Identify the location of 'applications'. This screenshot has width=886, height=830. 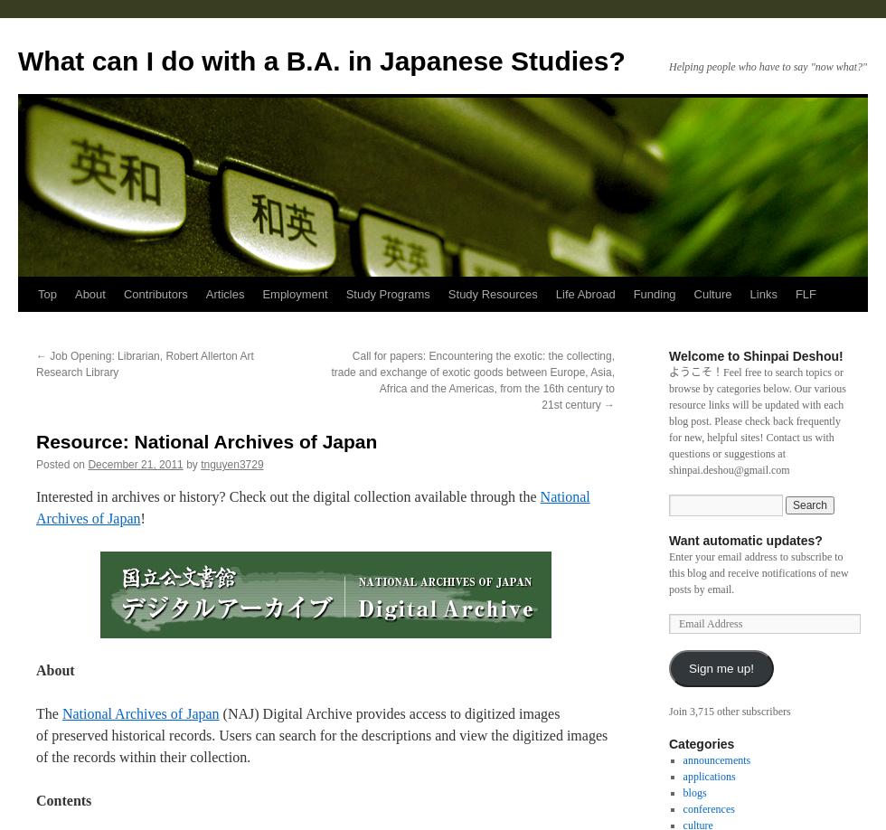
(709, 775).